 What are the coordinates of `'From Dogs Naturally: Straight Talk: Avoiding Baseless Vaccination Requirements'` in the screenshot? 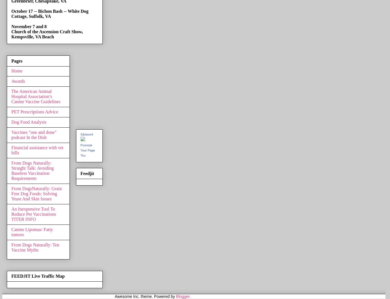 It's located at (32, 170).